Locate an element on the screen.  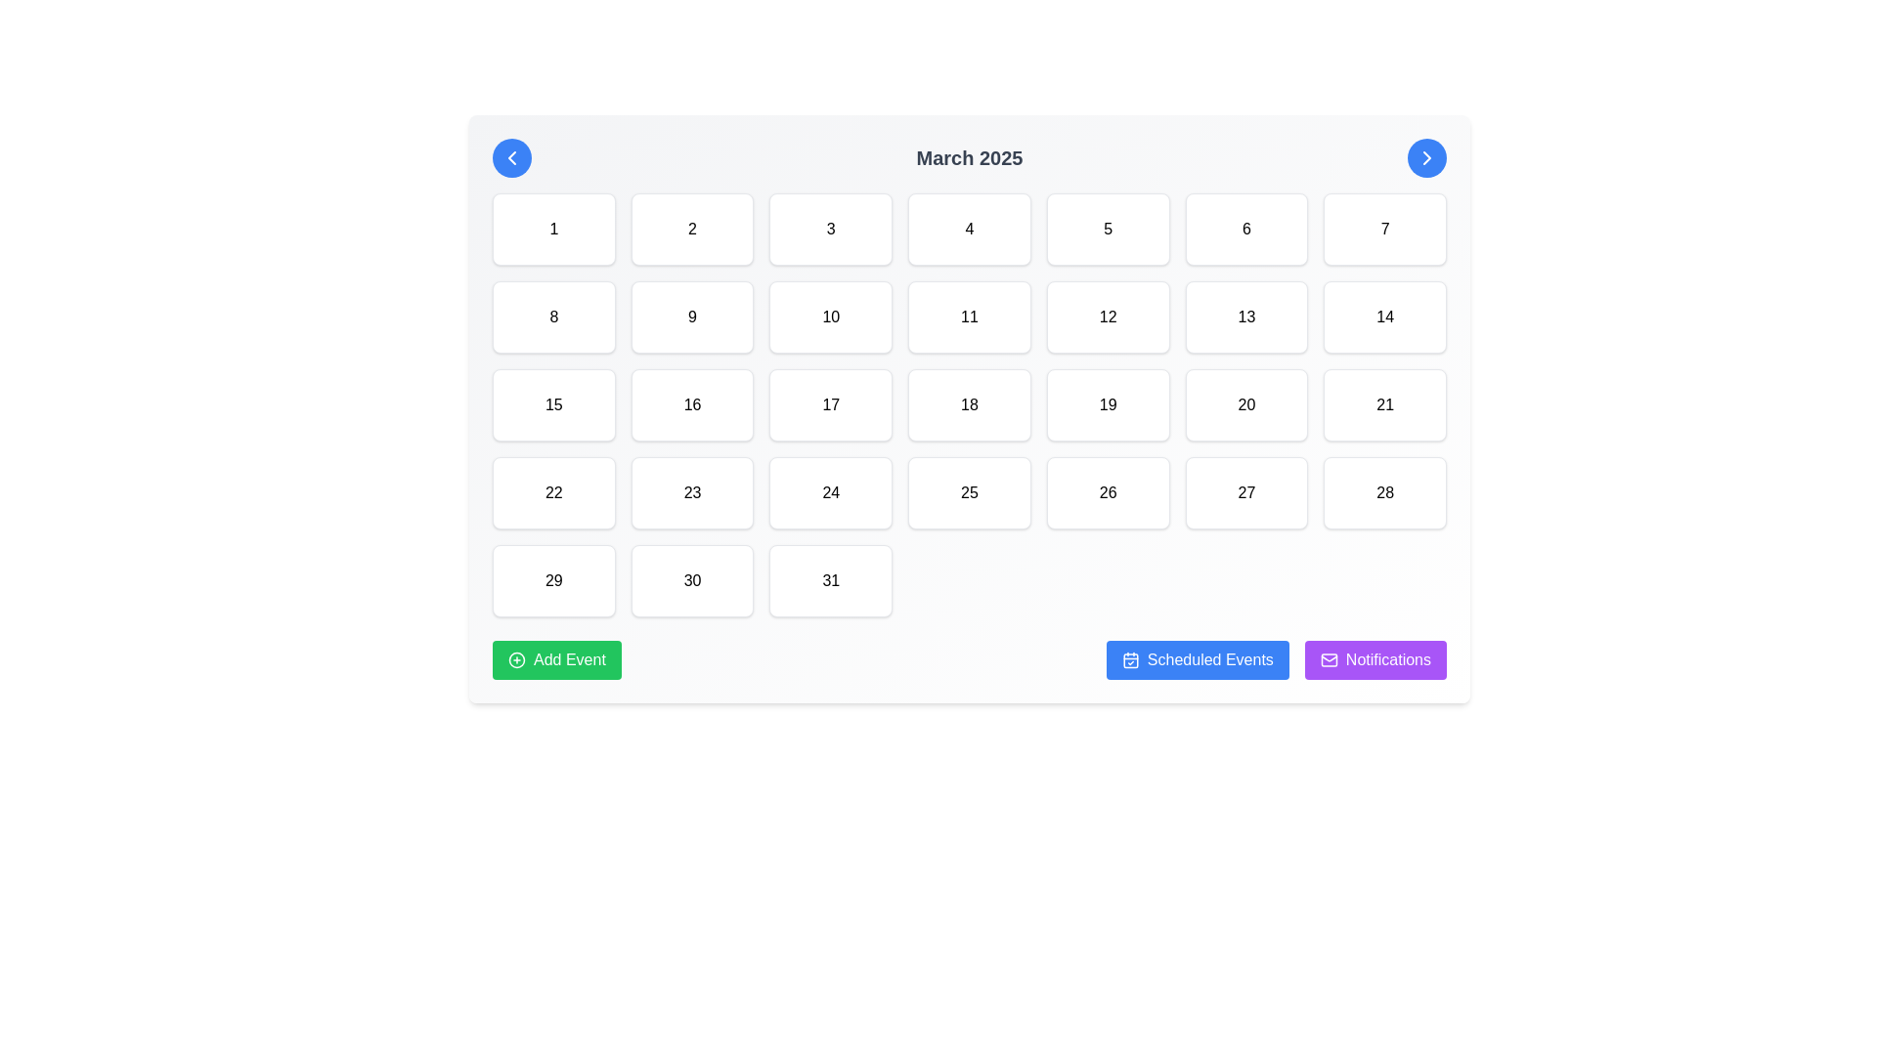
the calendar day cell representing the 11th day of March 2025, which is located in the second row and fourth column of the calendar grid is located at coordinates (970, 316).